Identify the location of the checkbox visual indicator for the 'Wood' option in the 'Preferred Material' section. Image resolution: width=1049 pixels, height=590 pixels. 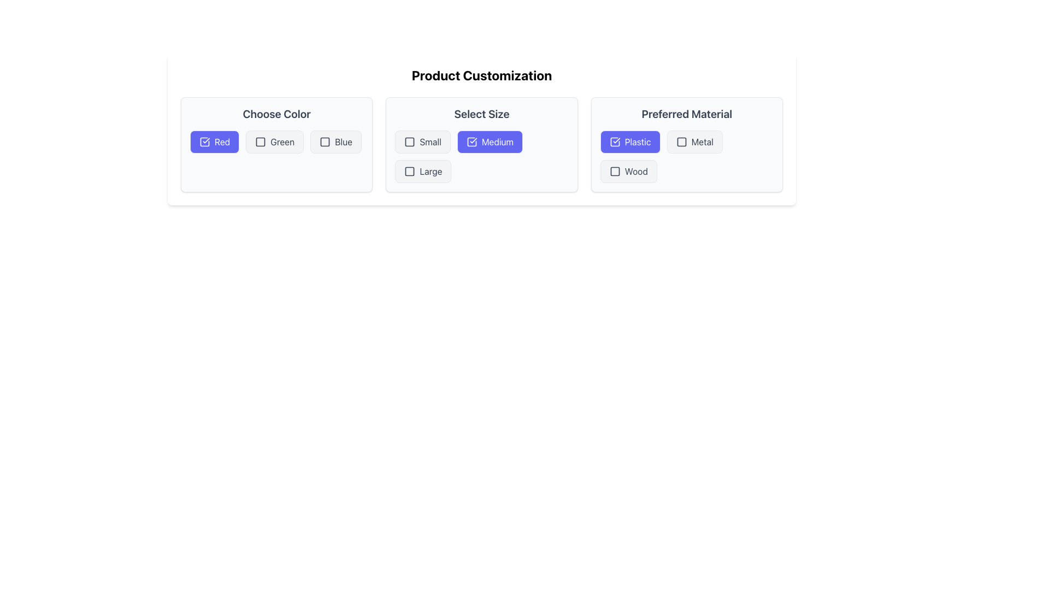
(615, 171).